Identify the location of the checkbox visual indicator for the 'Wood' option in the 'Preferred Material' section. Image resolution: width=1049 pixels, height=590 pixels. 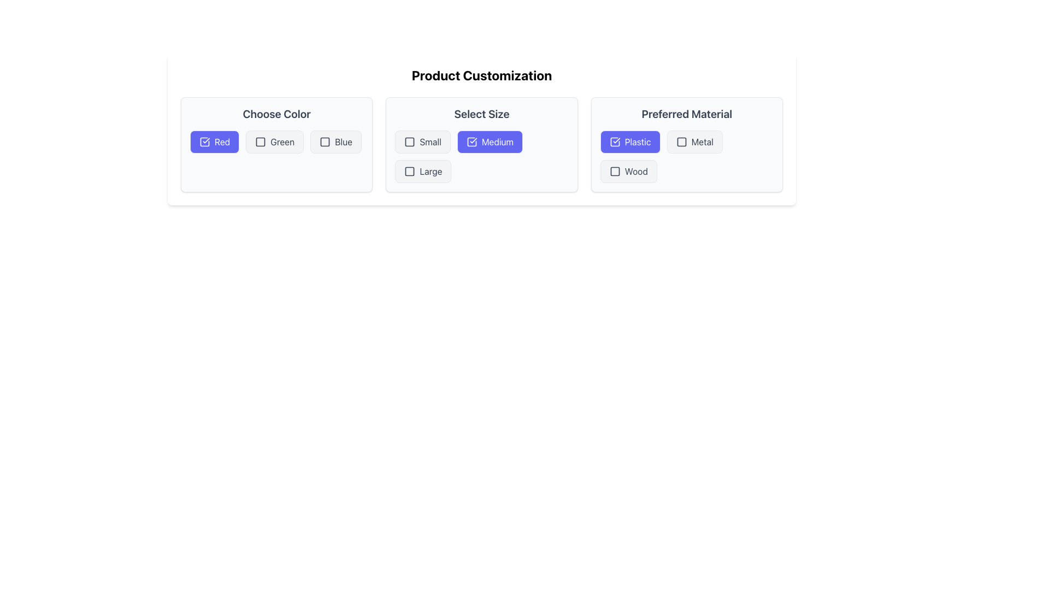
(615, 171).